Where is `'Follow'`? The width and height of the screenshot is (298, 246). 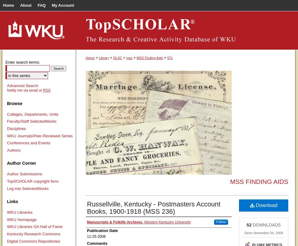
'Follow' is located at coordinates (221, 221).